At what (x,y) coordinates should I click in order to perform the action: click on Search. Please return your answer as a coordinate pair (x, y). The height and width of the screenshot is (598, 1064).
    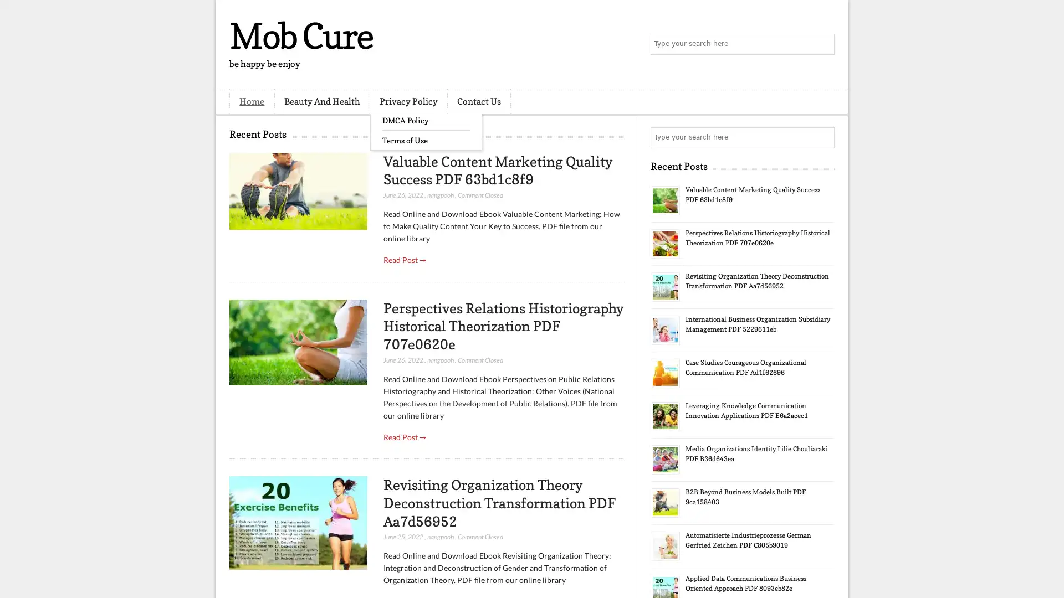
    Looking at the image, I should click on (823, 44).